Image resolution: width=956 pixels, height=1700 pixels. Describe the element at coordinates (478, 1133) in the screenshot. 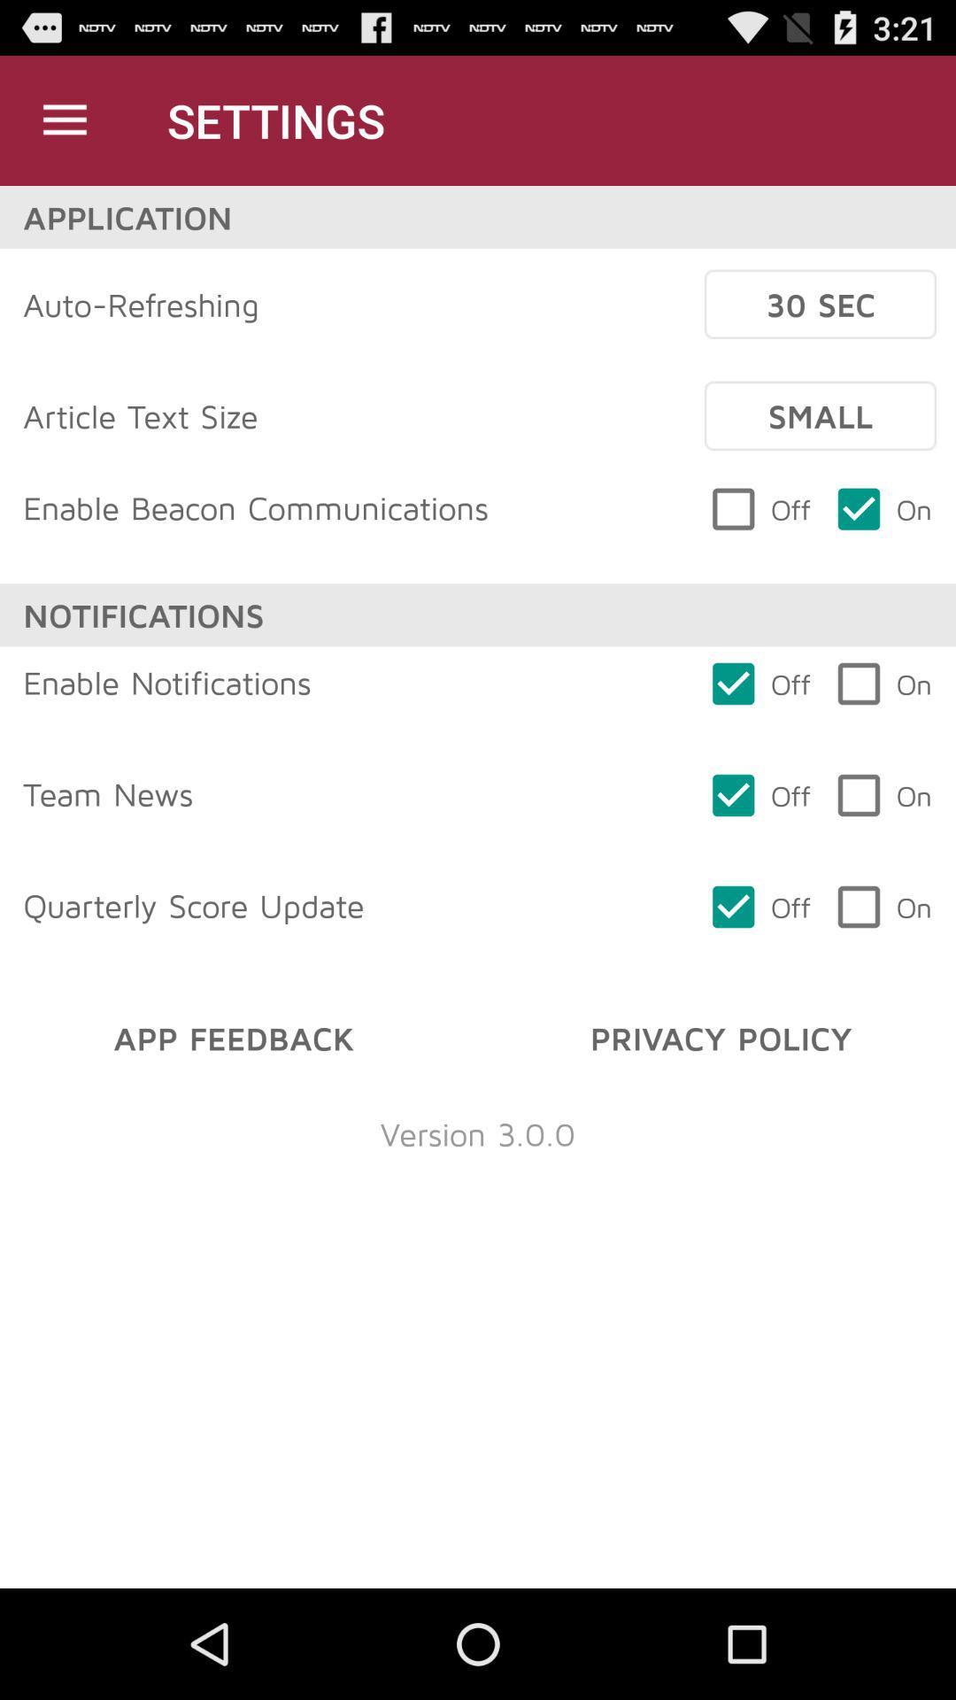

I see `version 3 0 at the bottom` at that location.